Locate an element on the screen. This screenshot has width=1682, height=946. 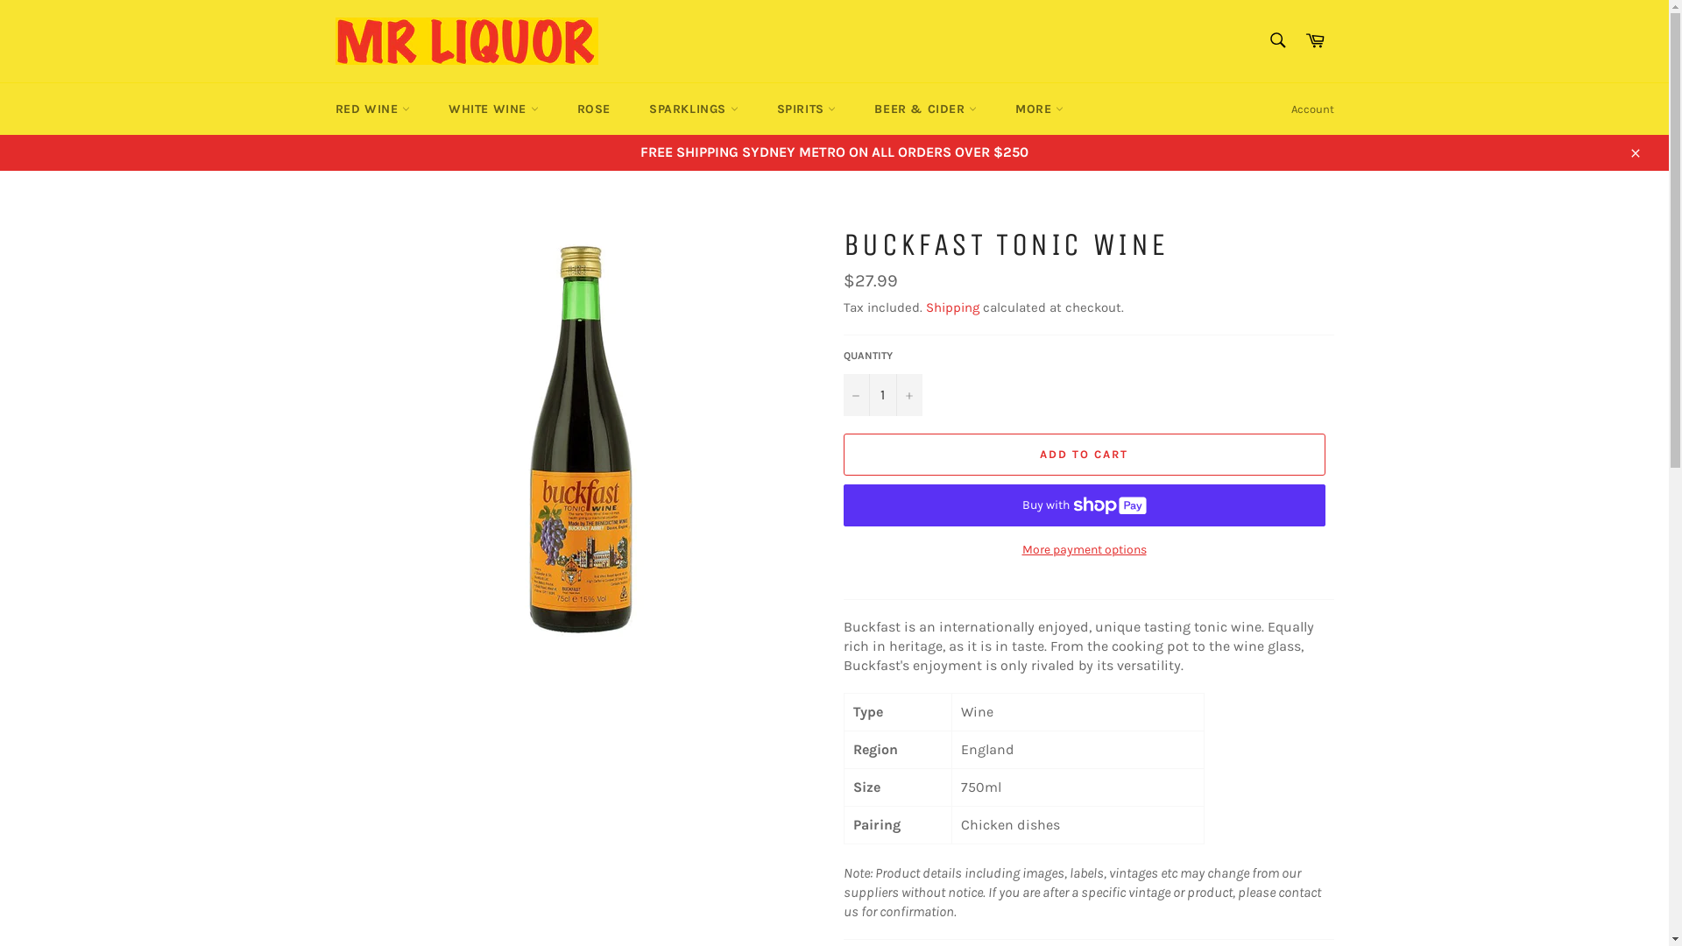
'WHITE WINE' is located at coordinates (430, 109).